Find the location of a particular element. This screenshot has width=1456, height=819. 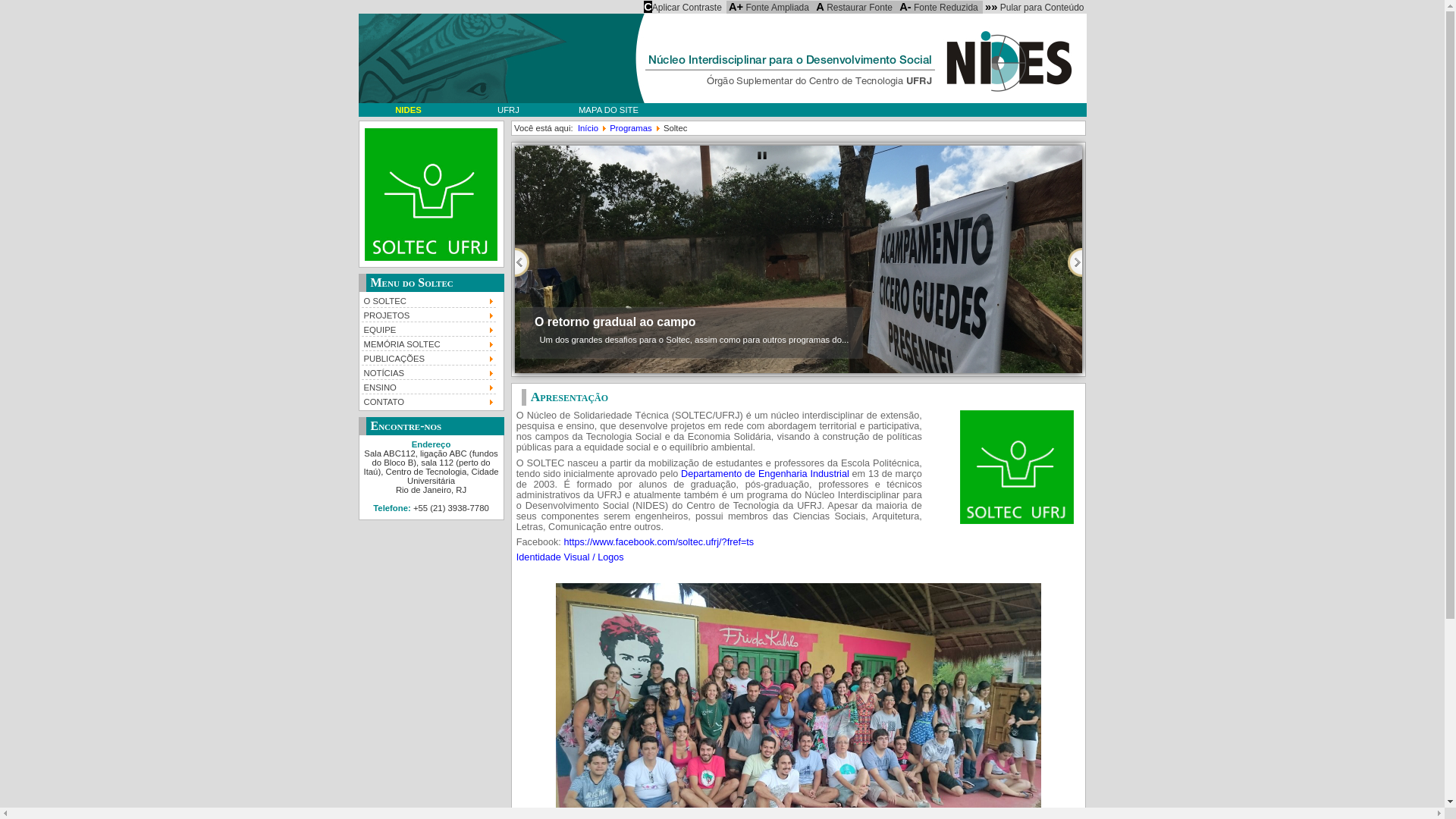

'CAplicar Contraste' is located at coordinates (641, 6).